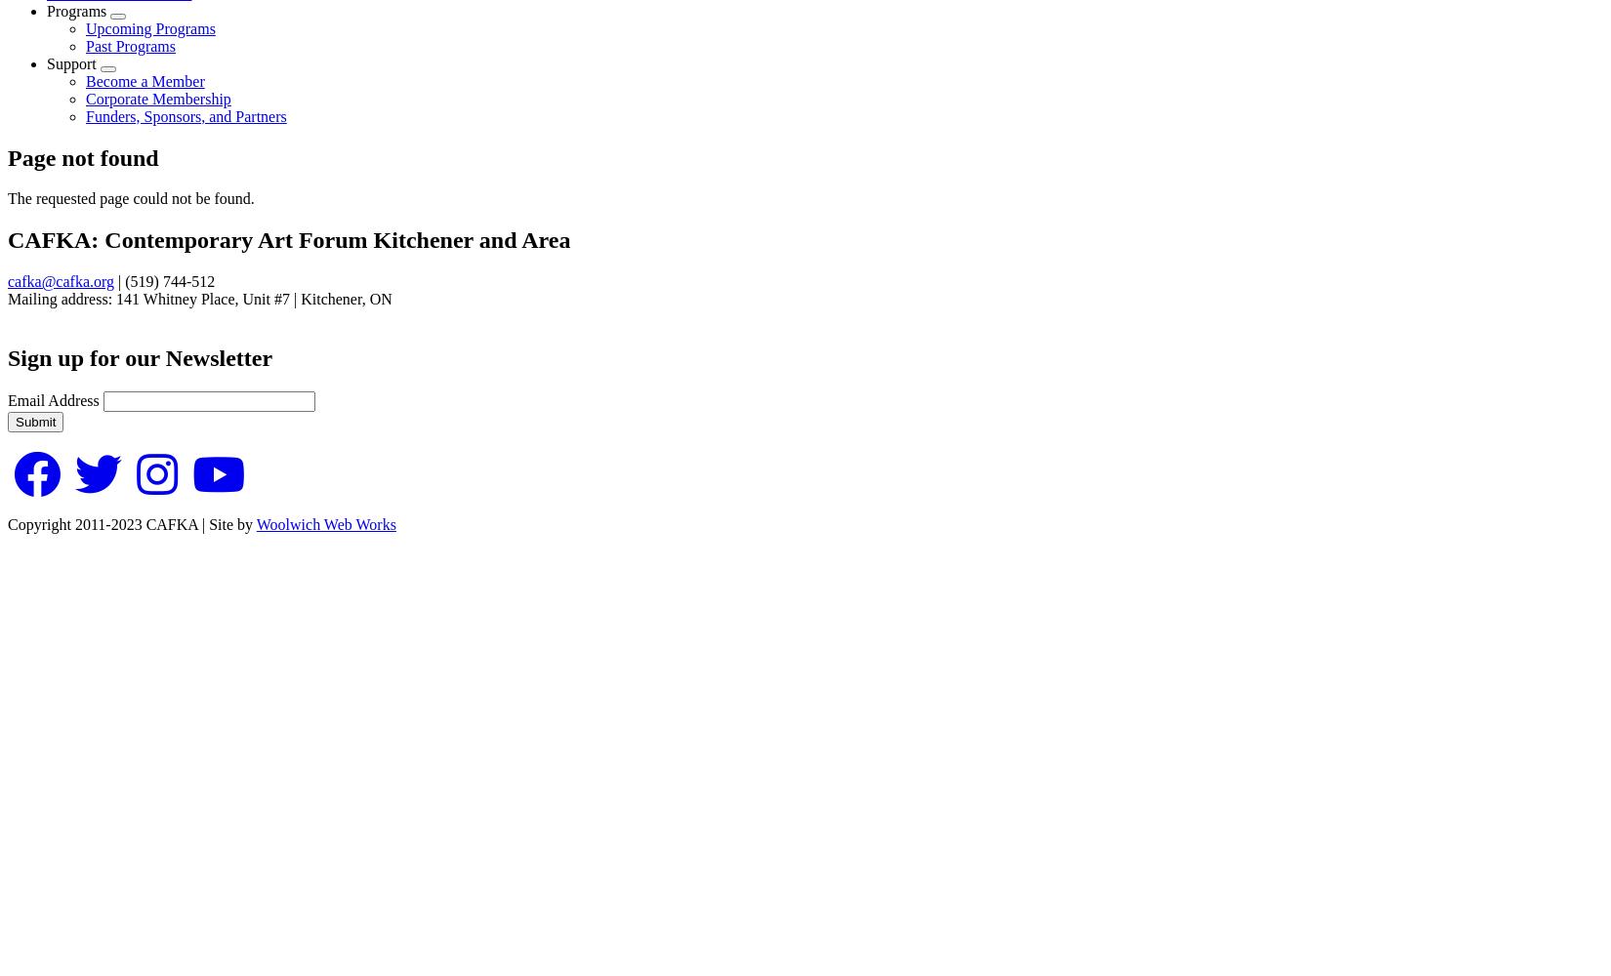 This screenshot has height=976, width=1611. What do you see at coordinates (337, 239) in the screenshot?
I see `'Contemporary Art Forum Kitchener and Area'` at bounding box center [337, 239].